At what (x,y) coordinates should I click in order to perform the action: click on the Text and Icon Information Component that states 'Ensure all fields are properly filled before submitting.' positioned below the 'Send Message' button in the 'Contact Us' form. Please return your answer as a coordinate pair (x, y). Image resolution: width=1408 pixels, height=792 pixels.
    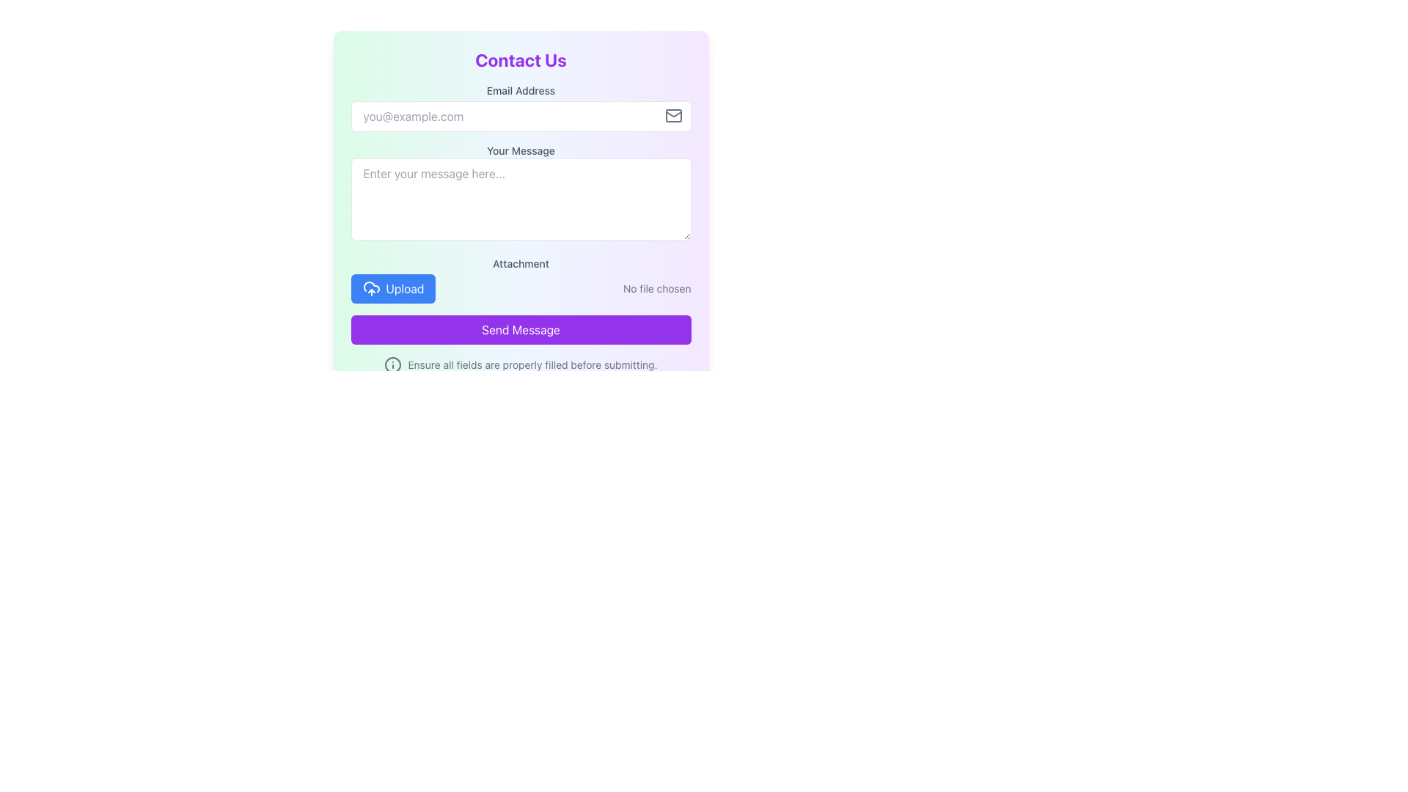
    Looking at the image, I should click on (521, 364).